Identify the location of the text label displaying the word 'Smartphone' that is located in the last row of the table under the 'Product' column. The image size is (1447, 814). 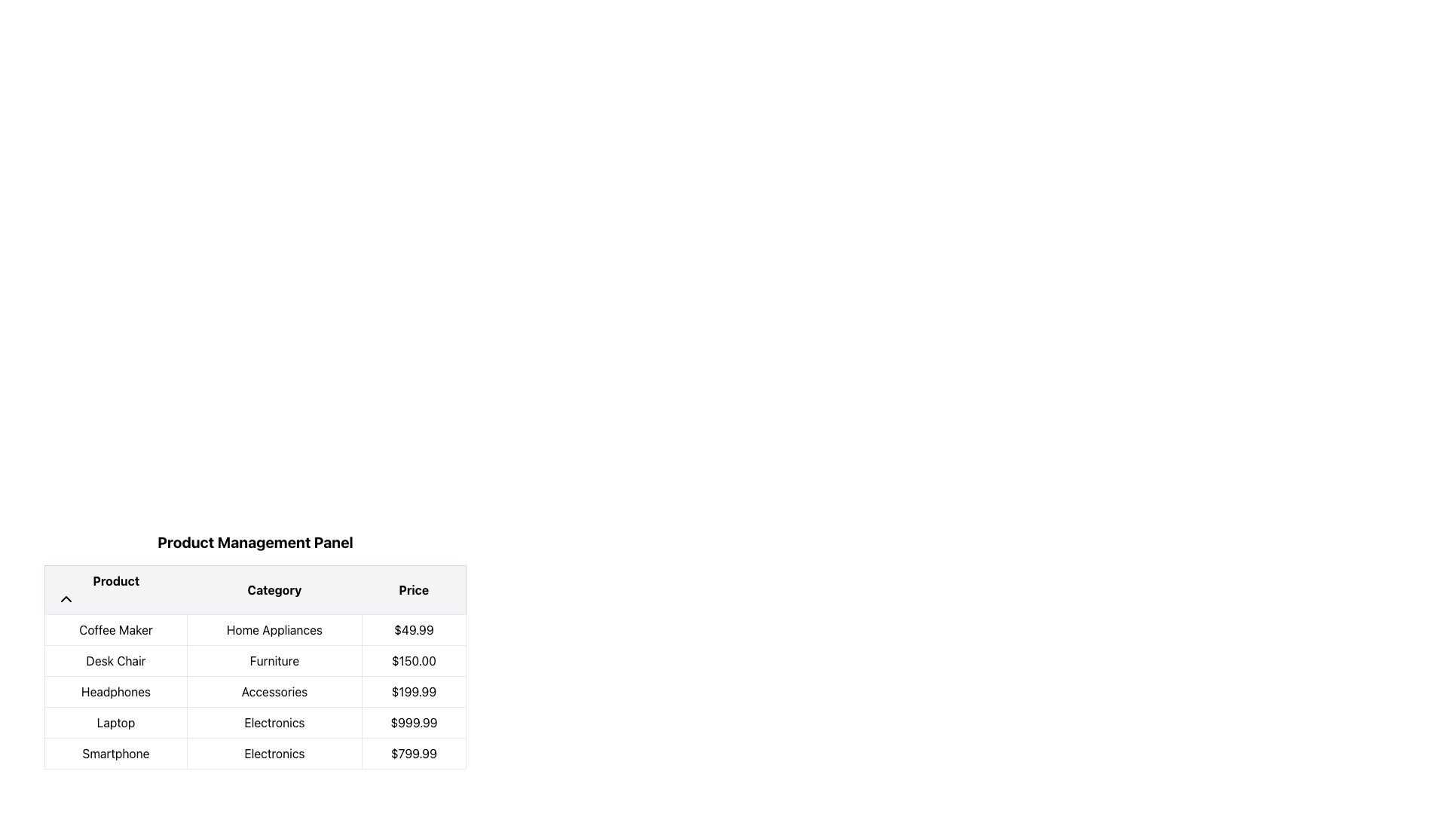
(115, 753).